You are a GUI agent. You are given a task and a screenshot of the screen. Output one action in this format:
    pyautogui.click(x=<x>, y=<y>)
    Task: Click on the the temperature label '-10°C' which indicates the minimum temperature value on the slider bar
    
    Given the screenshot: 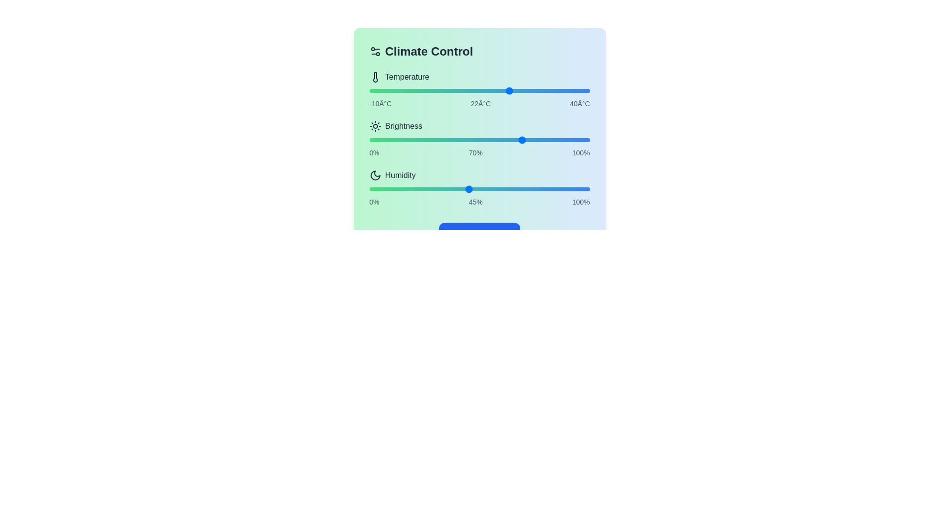 What is the action you would take?
    pyautogui.click(x=380, y=104)
    